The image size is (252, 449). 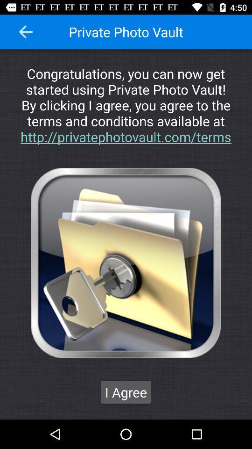 What do you see at coordinates (26, 32) in the screenshot?
I see `the icon next to private photo vault icon` at bounding box center [26, 32].